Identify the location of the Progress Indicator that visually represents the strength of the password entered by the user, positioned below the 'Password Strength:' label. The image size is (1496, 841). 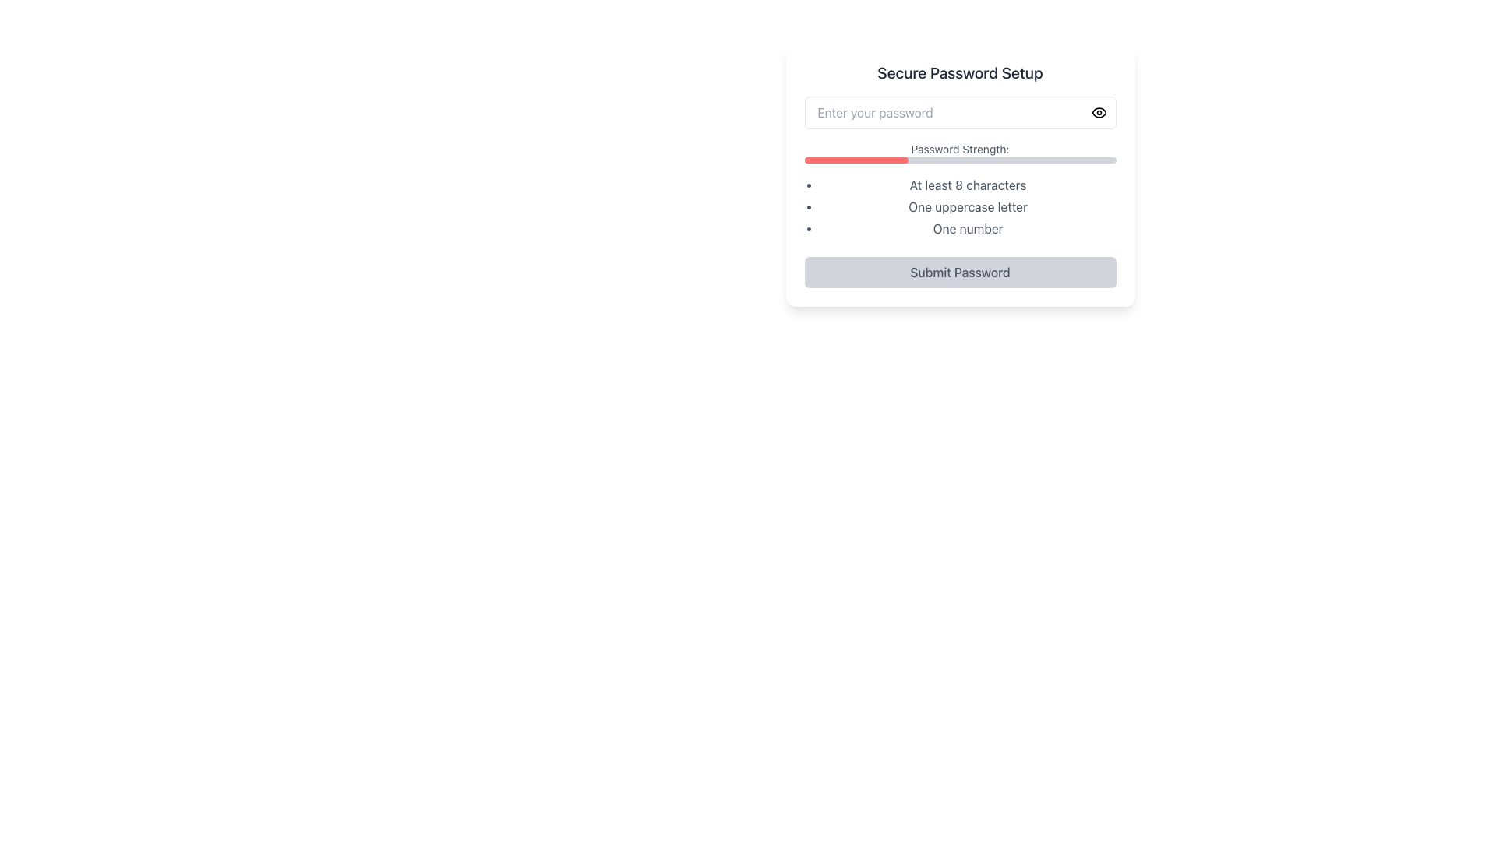
(959, 160).